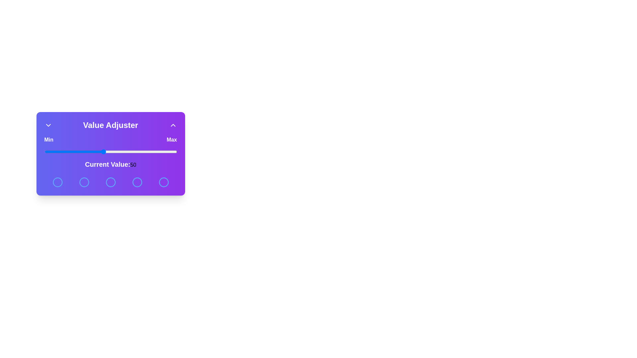 This screenshot has width=637, height=358. I want to click on the slider to set the value to 87, so click(157, 152).